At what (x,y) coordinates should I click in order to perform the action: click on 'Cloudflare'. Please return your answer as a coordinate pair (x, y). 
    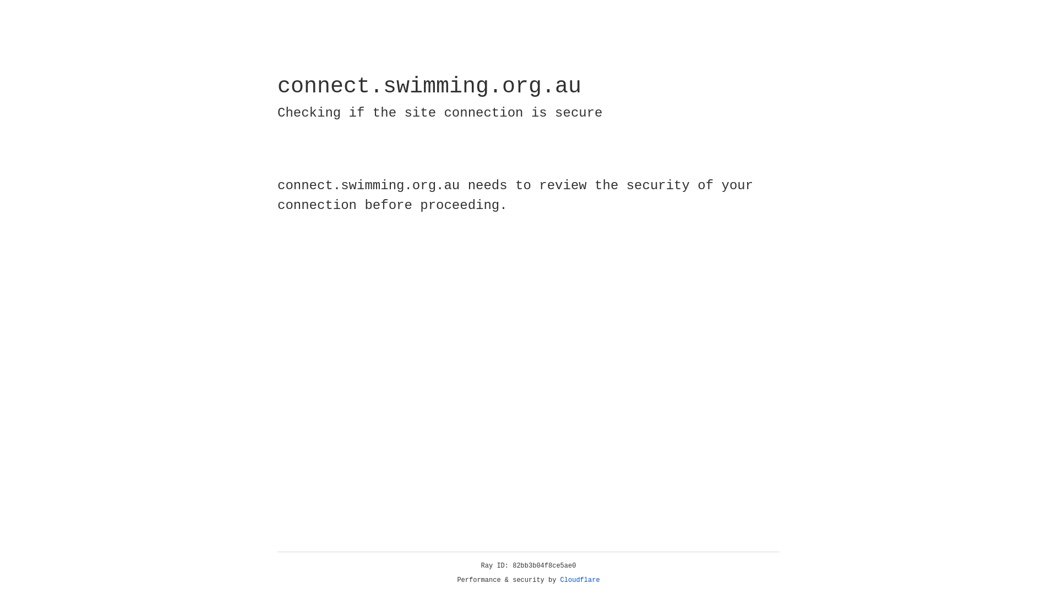
    Looking at the image, I should click on (580, 580).